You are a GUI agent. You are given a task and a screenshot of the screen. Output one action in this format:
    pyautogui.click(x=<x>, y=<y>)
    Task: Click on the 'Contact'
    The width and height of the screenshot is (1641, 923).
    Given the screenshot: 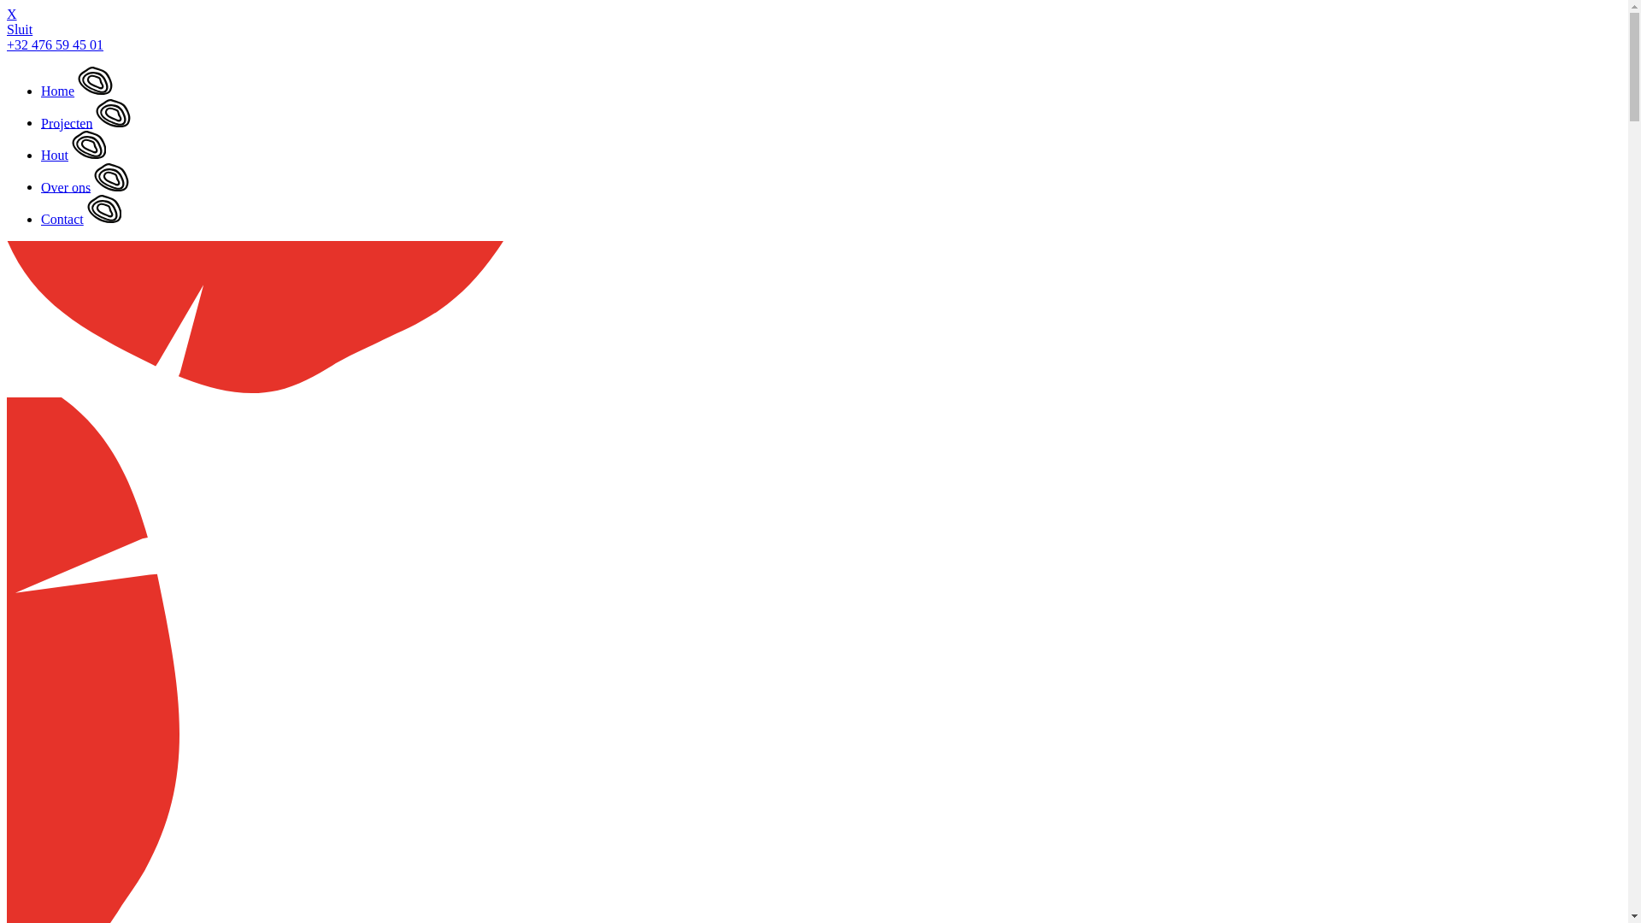 What is the action you would take?
    pyautogui.click(x=62, y=218)
    